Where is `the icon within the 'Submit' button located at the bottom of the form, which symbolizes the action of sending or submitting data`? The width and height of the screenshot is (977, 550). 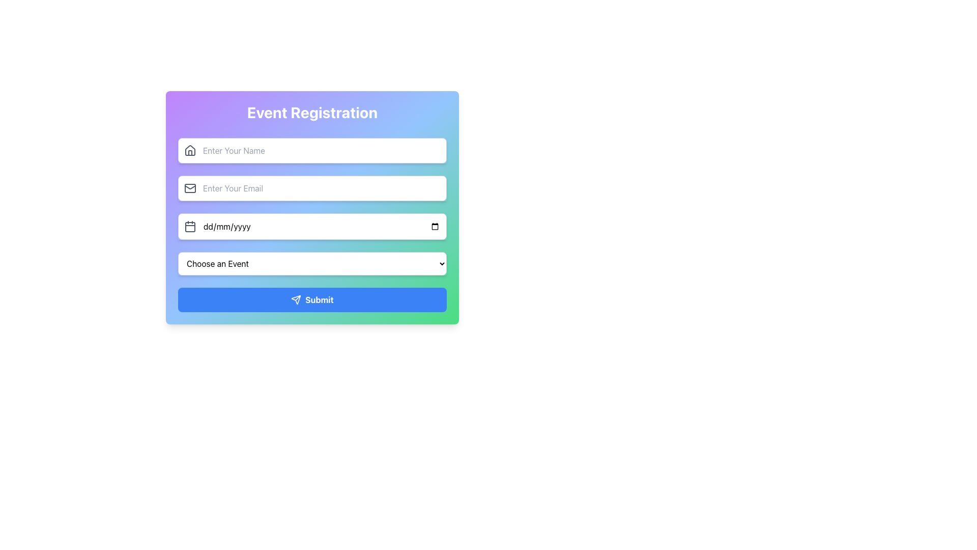
the icon within the 'Submit' button located at the bottom of the form, which symbolizes the action of sending or submitting data is located at coordinates (296, 299).